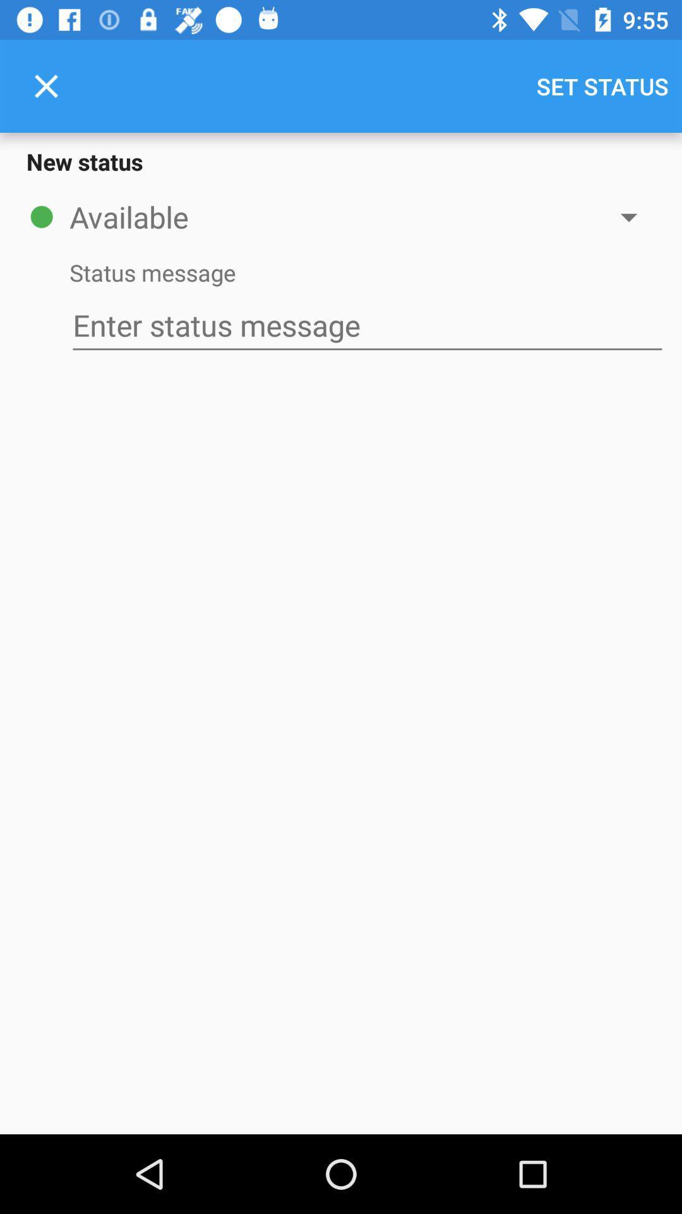  What do you see at coordinates (602, 85) in the screenshot?
I see `the icon at the top right corner` at bounding box center [602, 85].